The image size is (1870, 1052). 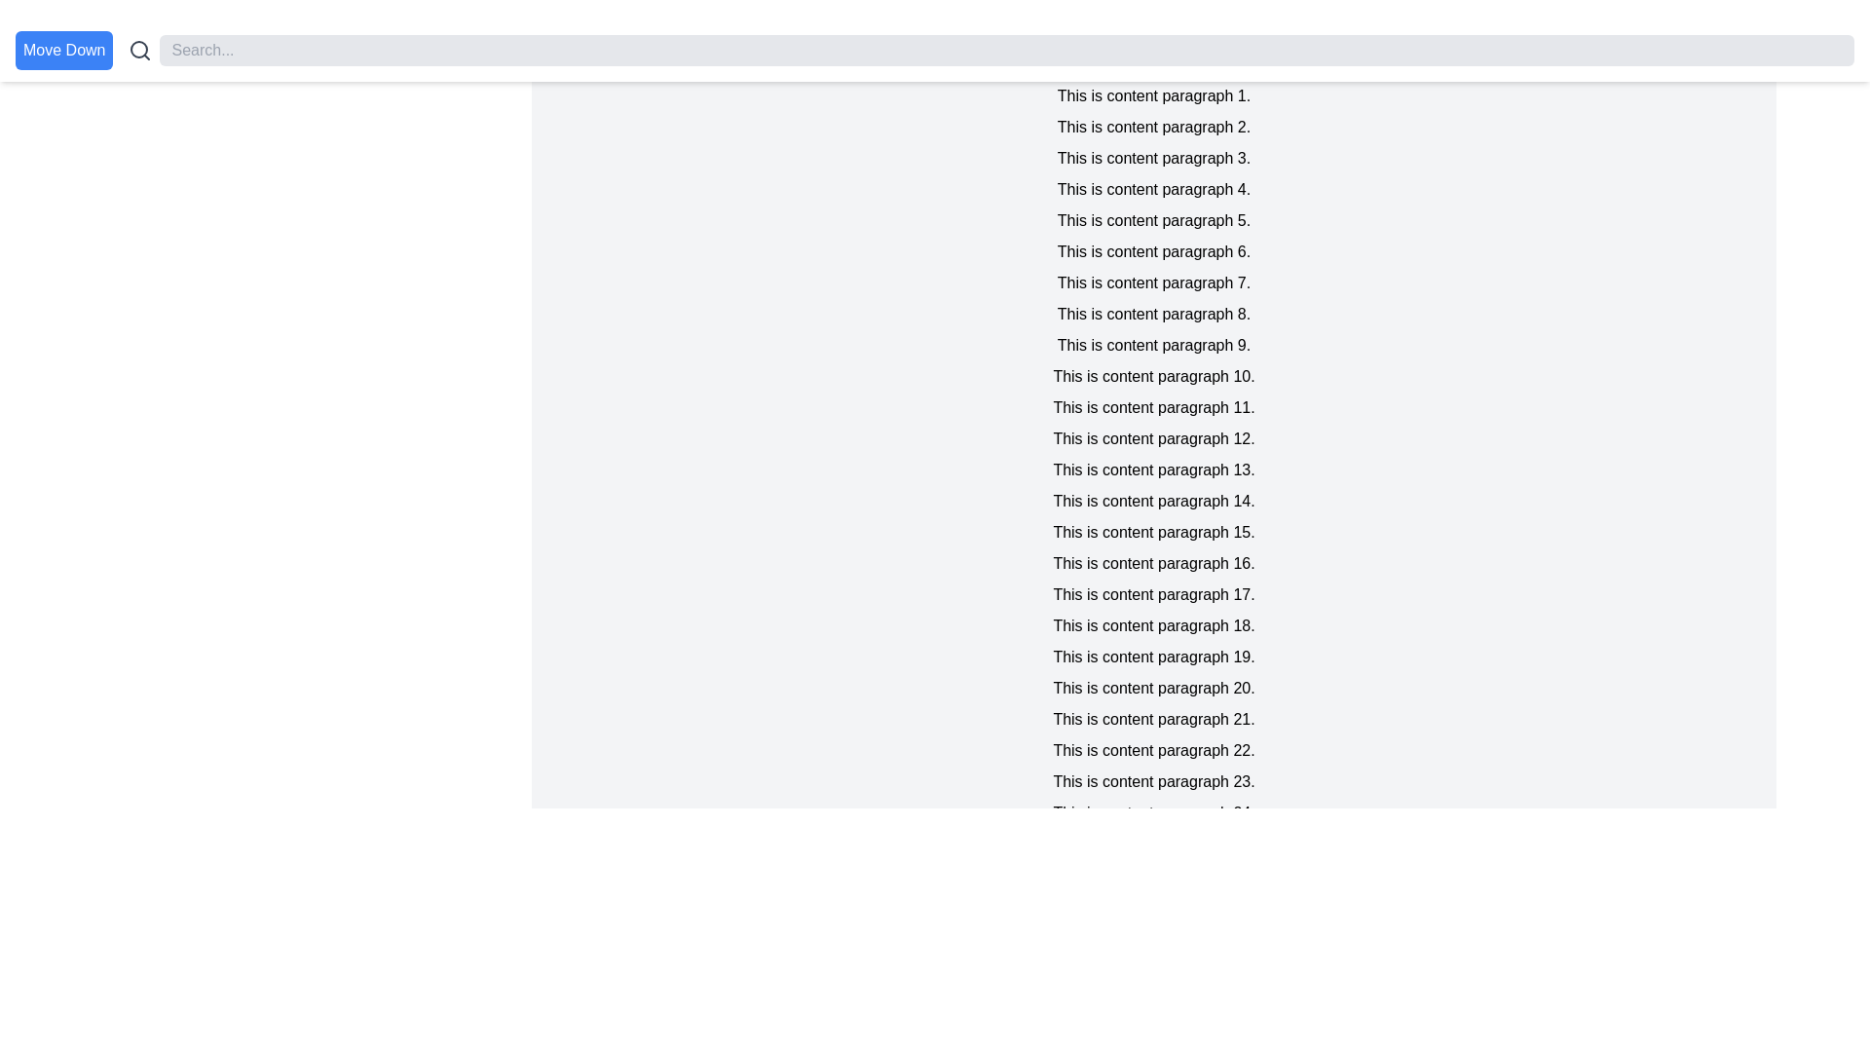 I want to click on on the text paragraph reading 'This is content paragraph 6.', so click(x=1154, y=250).